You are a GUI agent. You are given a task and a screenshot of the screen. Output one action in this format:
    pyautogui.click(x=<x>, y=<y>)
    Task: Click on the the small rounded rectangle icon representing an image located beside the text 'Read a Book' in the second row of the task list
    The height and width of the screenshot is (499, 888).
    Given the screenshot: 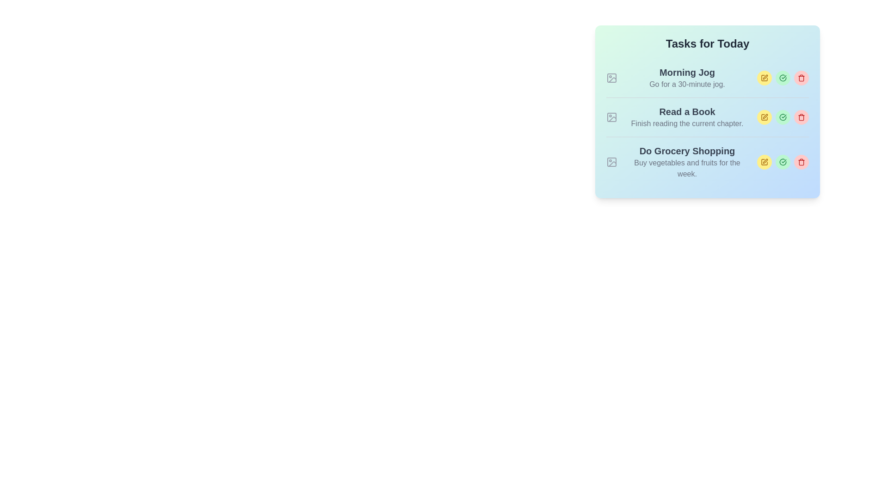 What is the action you would take?
    pyautogui.click(x=612, y=117)
    